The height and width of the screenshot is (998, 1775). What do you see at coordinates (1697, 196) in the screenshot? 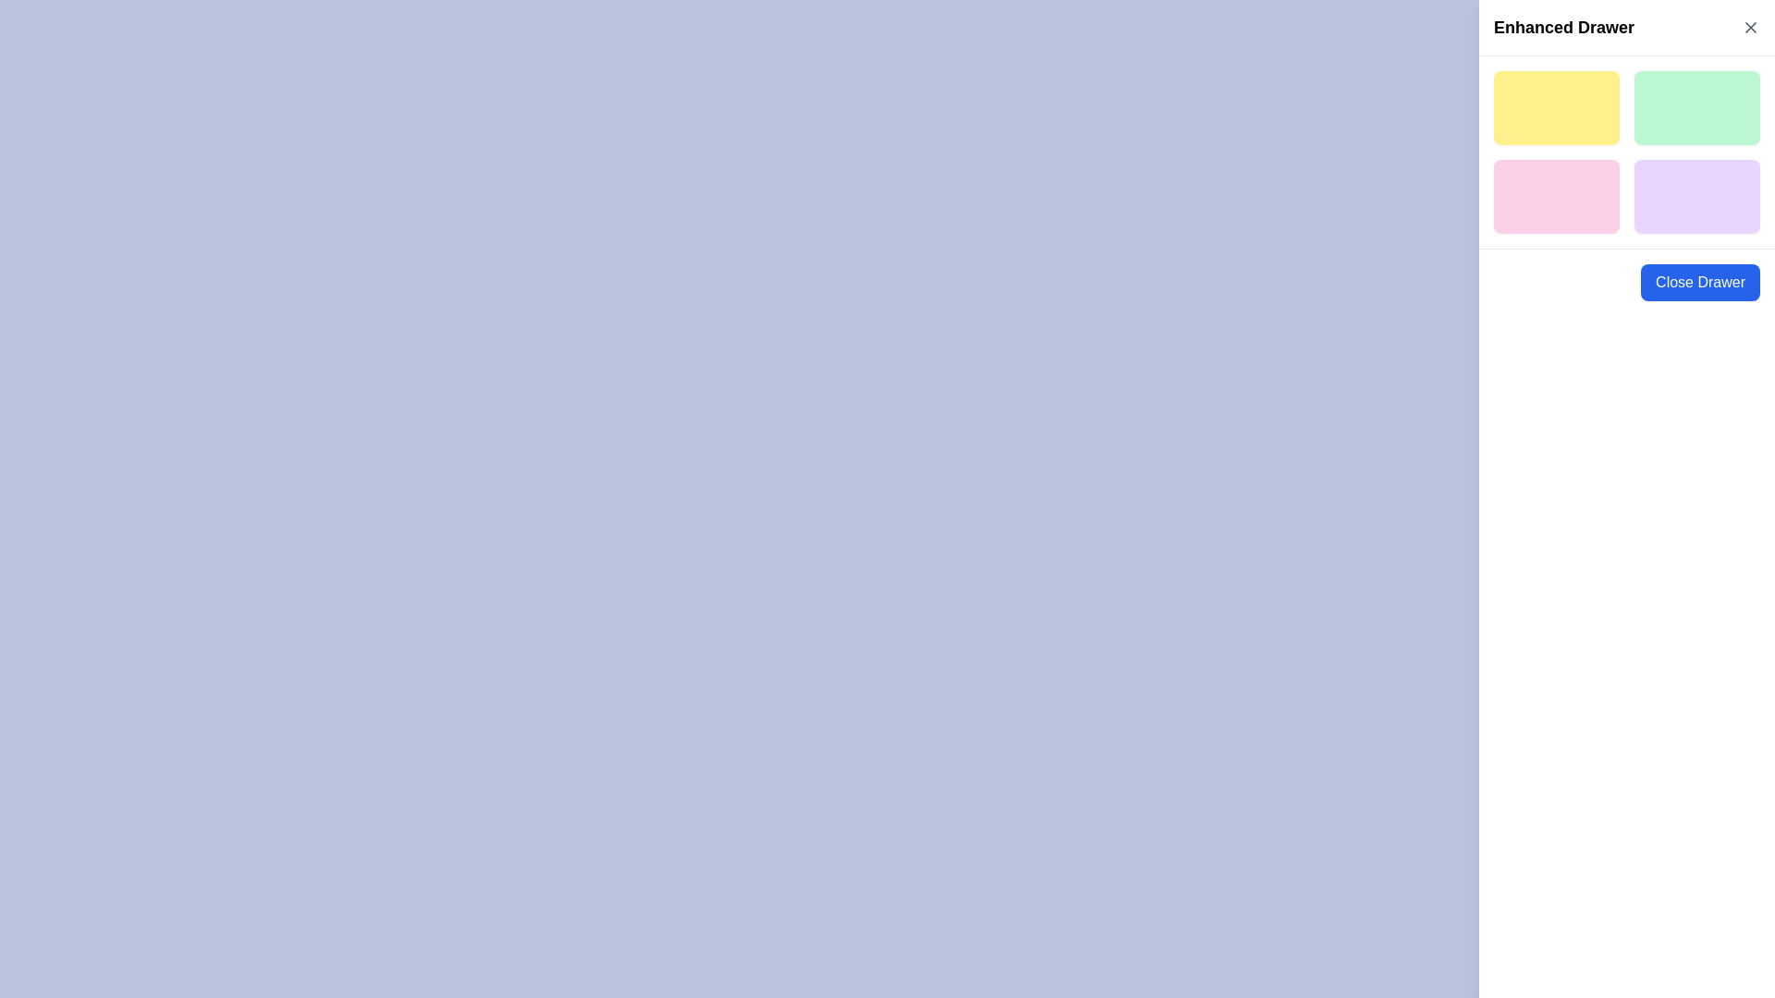
I see `the decorative/selectable card located in the bottom-right corner of the grid in the 'Enhanced Drawer' panel` at bounding box center [1697, 196].